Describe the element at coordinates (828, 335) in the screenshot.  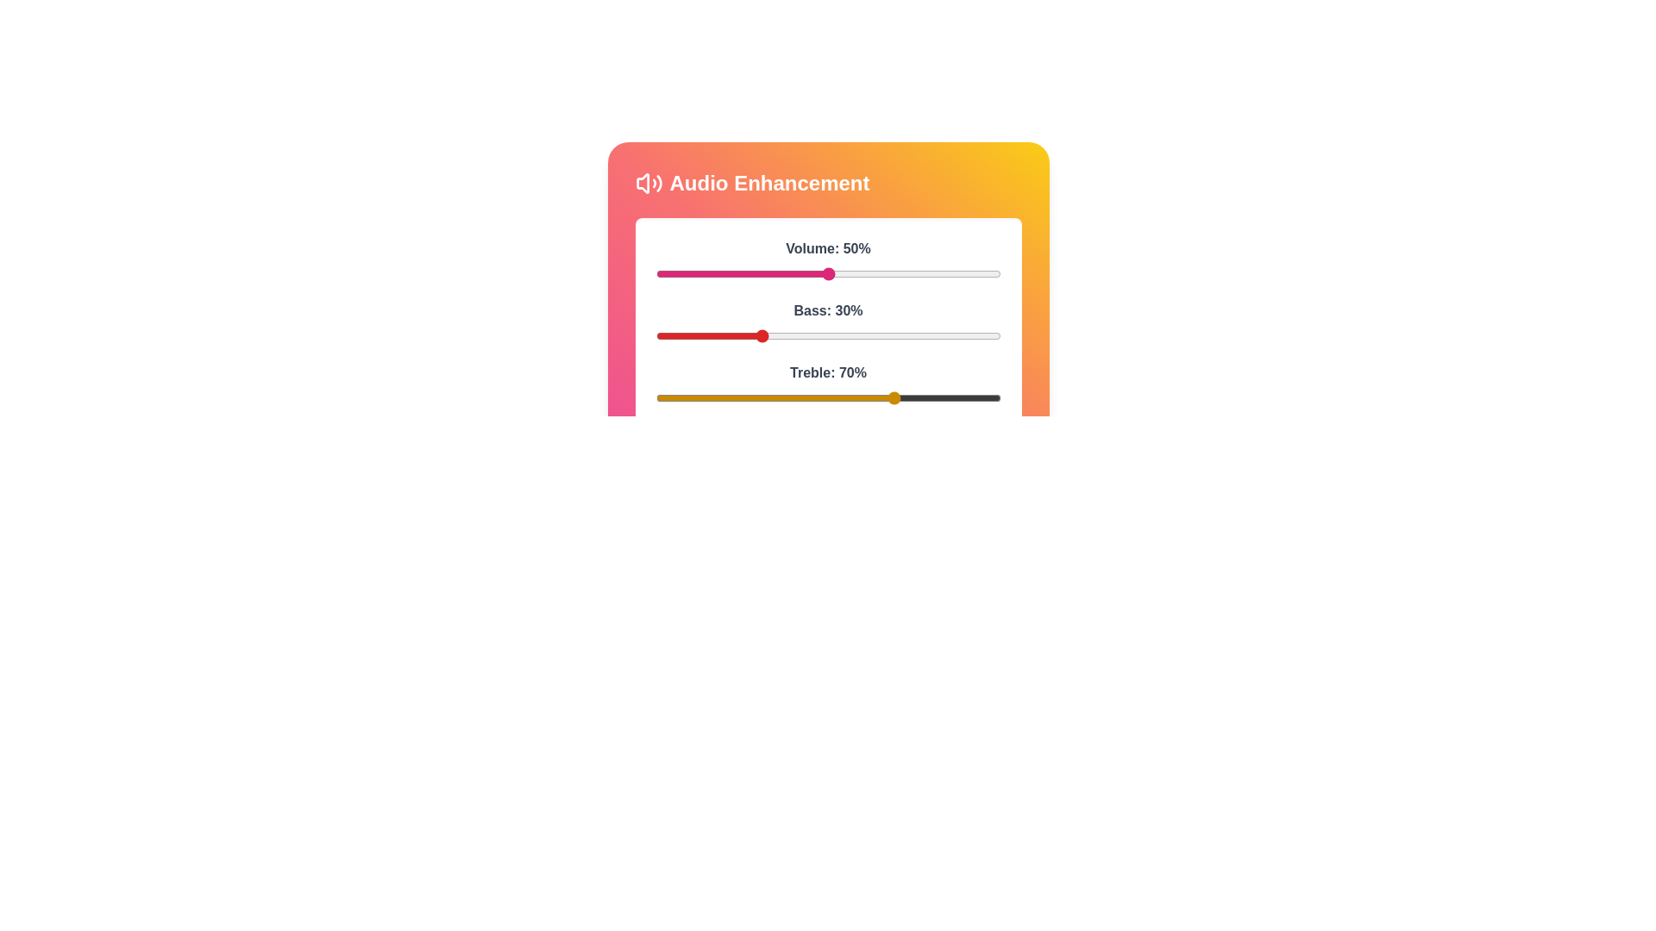
I see `the horizontal slider labeled 'Bass: 30%' to set the bass level to the desired position` at that location.